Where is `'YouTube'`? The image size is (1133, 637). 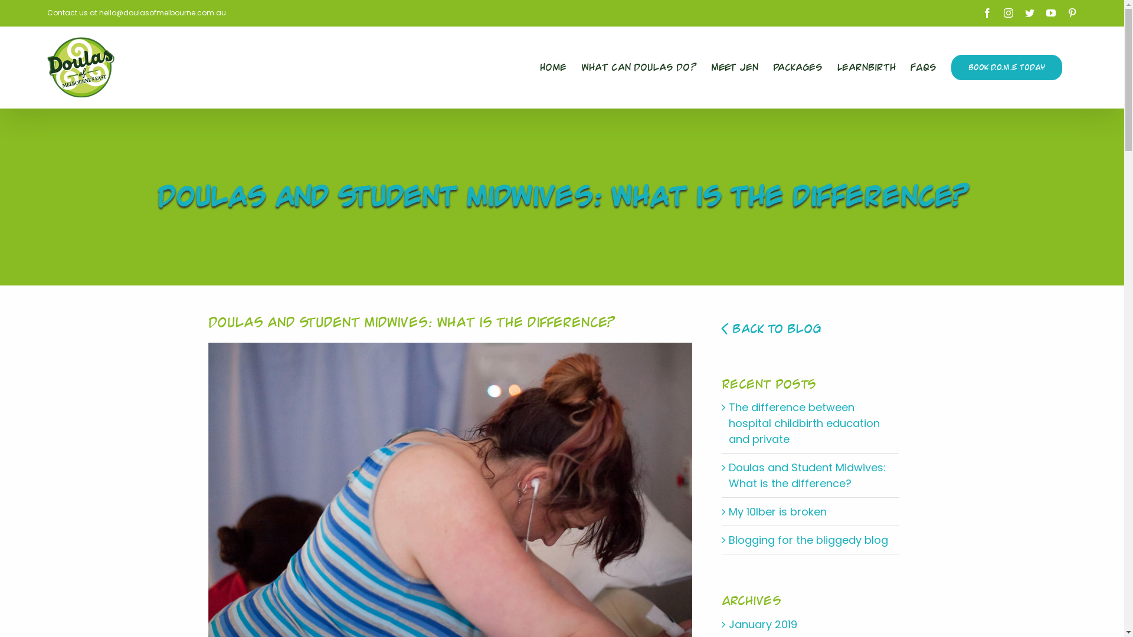 'YouTube' is located at coordinates (1046, 13).